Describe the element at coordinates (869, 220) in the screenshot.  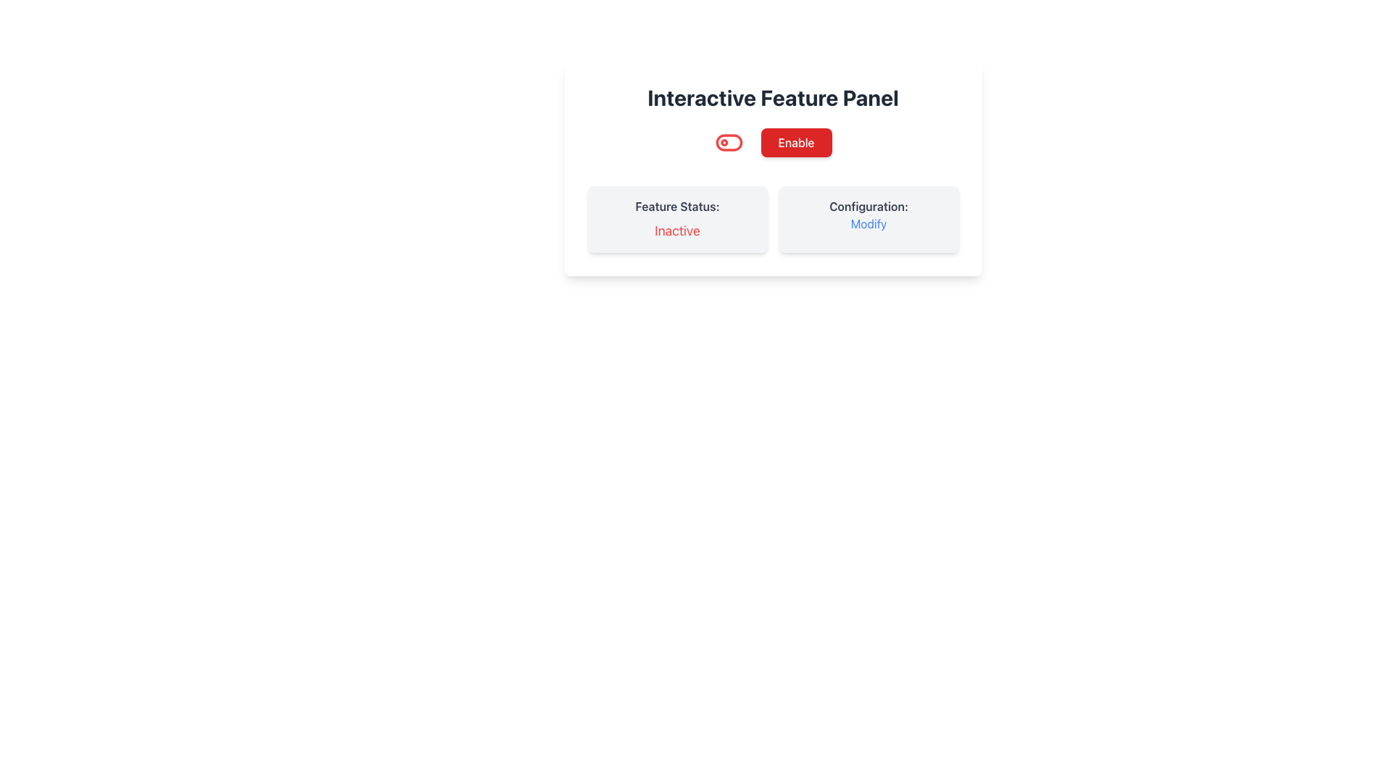
I see `the hyperlink labeled 'Modify' on the informational card located in the bottom-right portion of the Interactive Feature Panel` at that location.